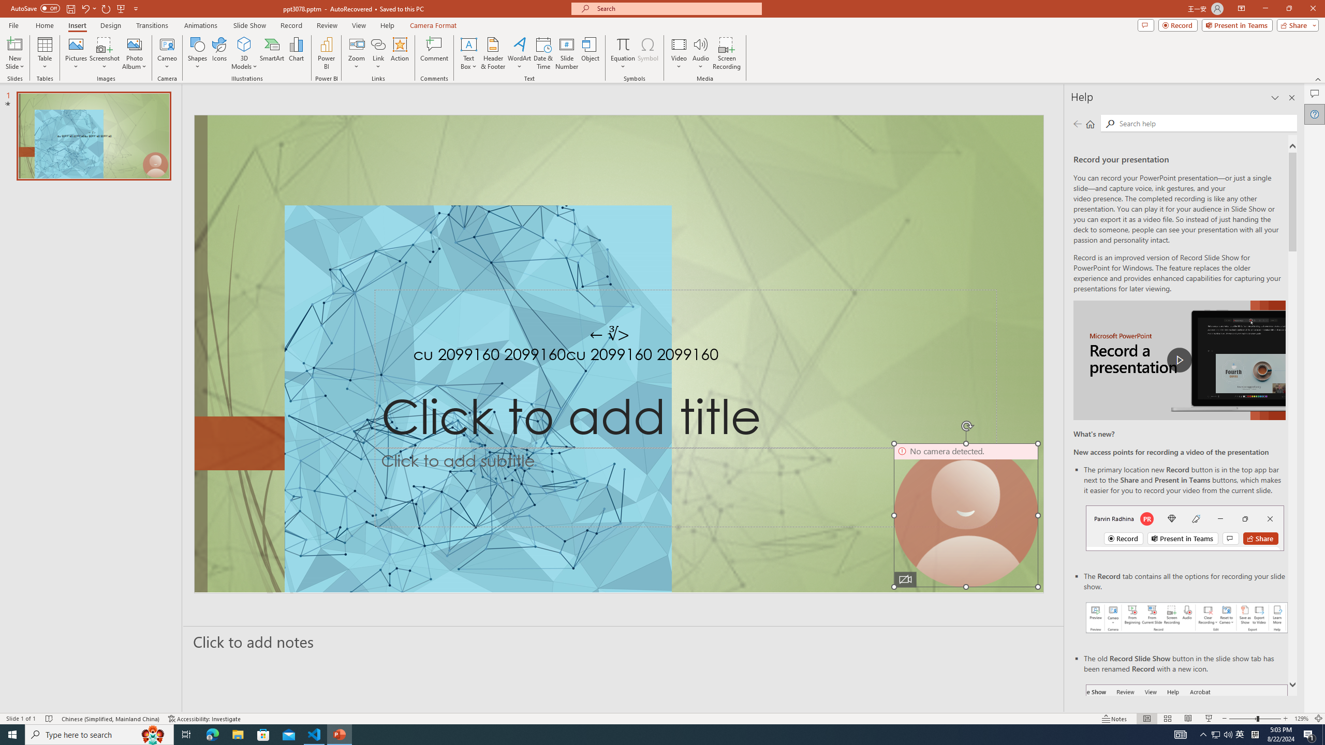  Describe the element at coordinates (610, 334) in the screenshot. I see `'TextBox 7'` at that location.